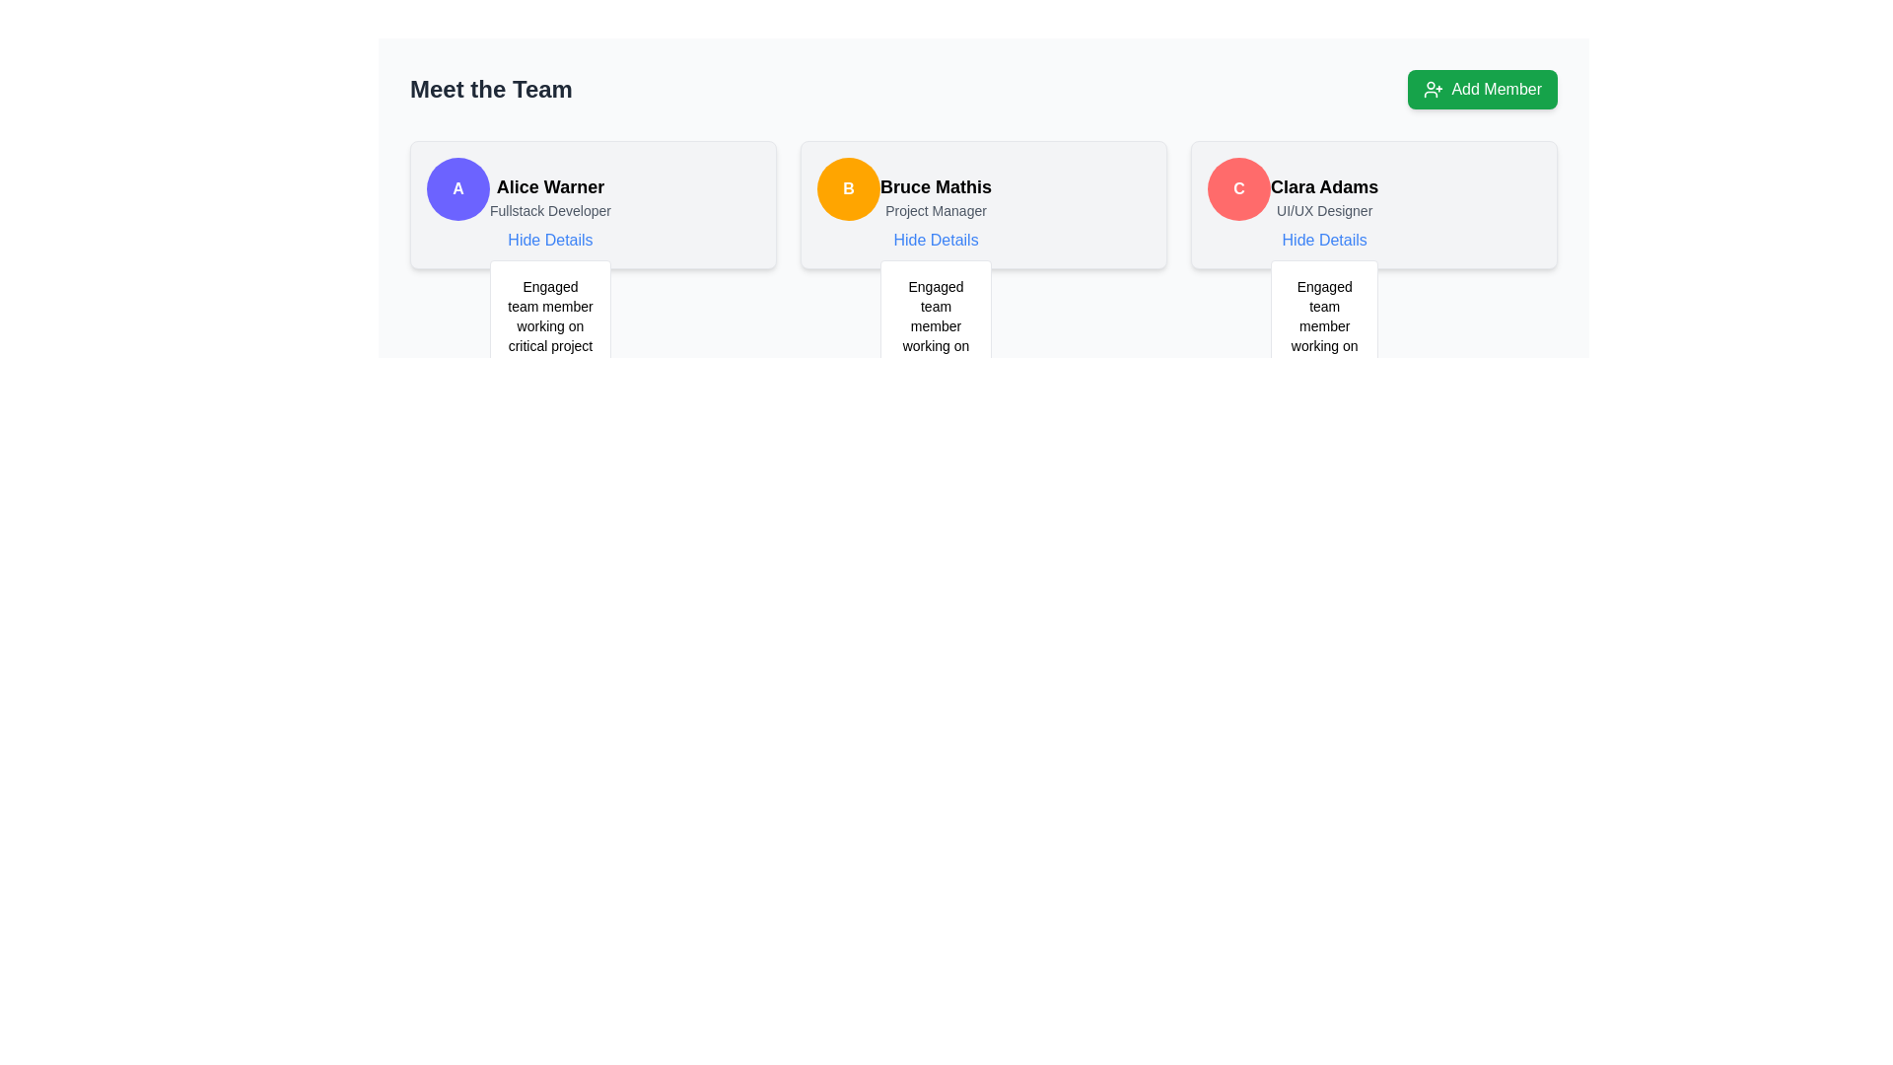 The height and width of the screenshot is (1065, 1893). I want to click on the avatar representing Clara Adams, the UI/UX Designer, located at the top-left corner of her profile card, so click(1238, 189).